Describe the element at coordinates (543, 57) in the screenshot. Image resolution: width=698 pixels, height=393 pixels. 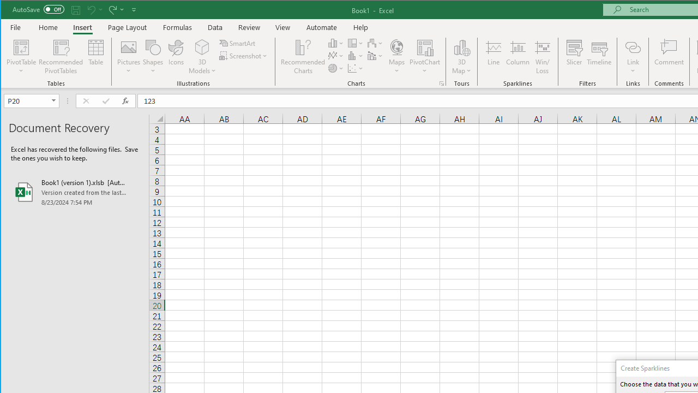
I see `'Win/Loss'` at that location.